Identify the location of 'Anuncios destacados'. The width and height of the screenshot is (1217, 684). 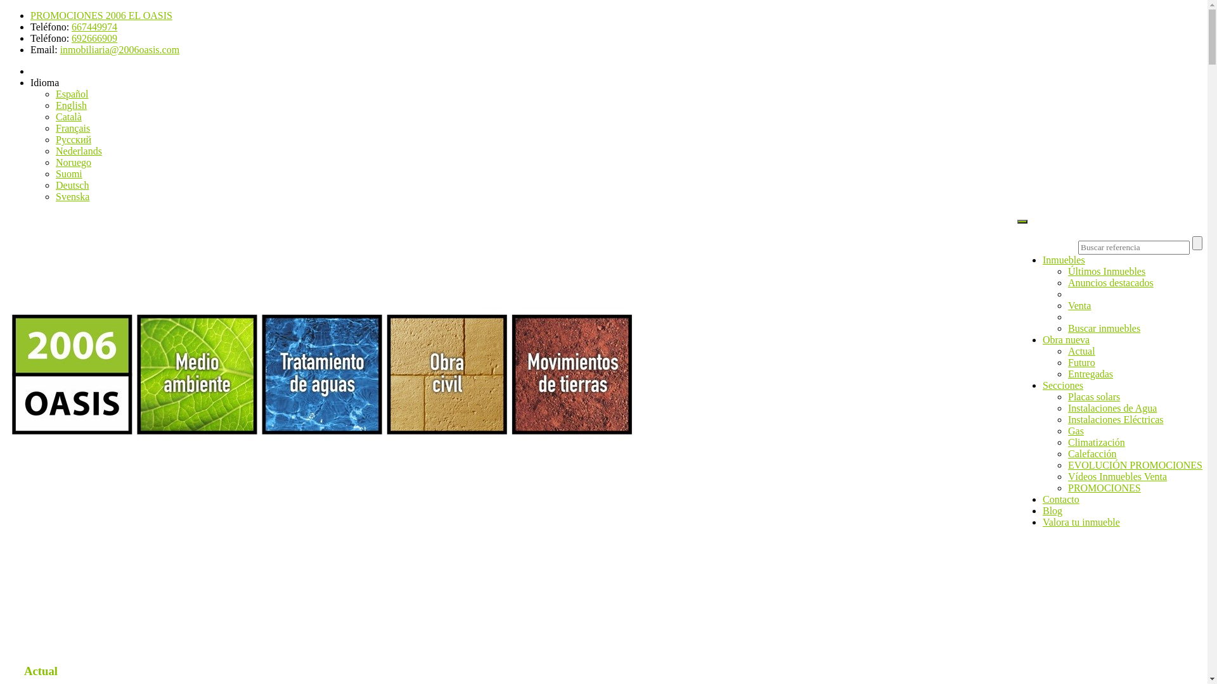
(1110, 282).